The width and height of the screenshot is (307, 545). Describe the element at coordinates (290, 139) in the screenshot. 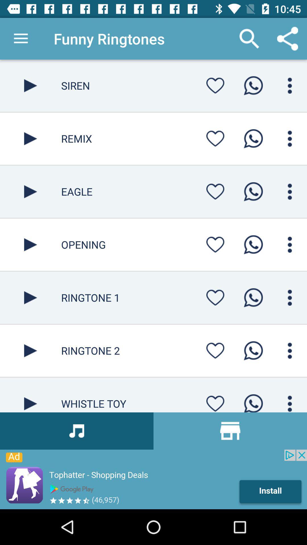

I see `menu` at that location.